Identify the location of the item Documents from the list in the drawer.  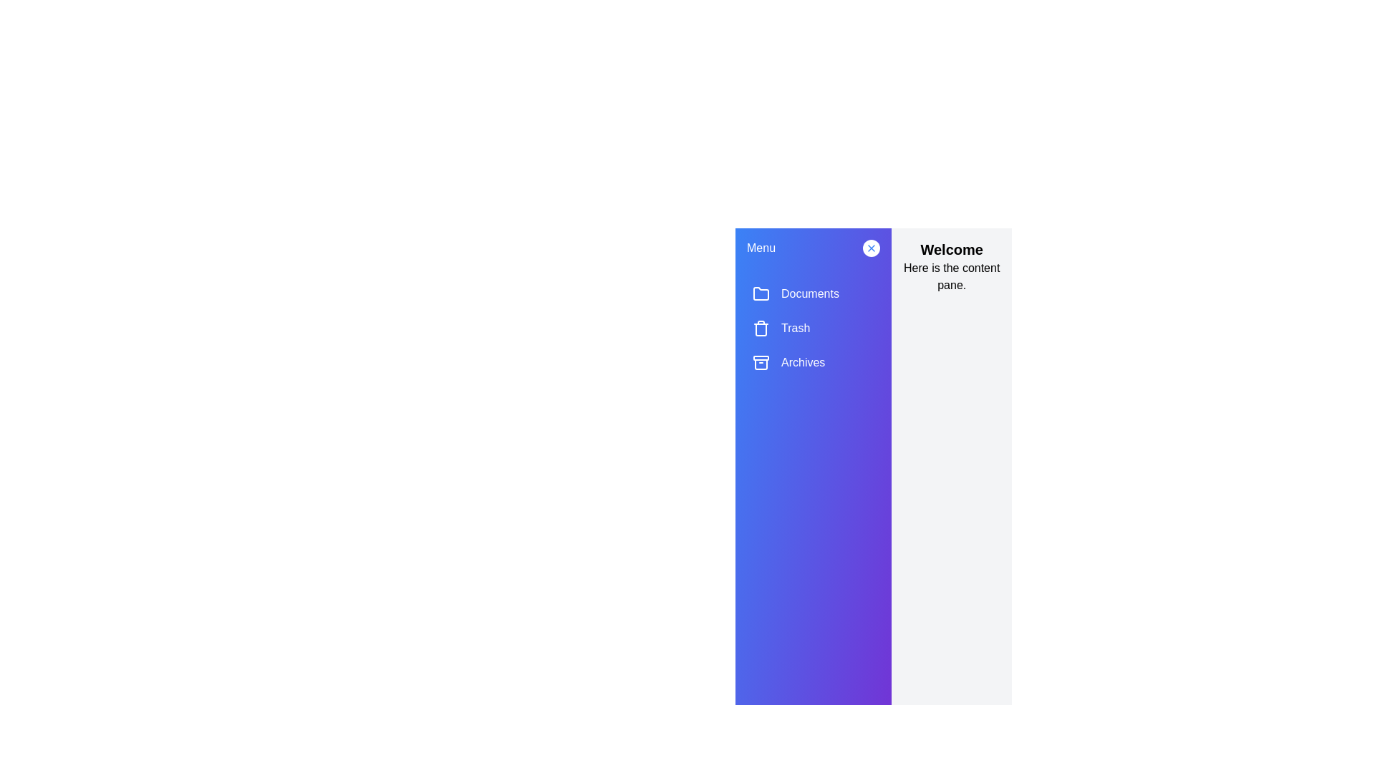
(814, 293).